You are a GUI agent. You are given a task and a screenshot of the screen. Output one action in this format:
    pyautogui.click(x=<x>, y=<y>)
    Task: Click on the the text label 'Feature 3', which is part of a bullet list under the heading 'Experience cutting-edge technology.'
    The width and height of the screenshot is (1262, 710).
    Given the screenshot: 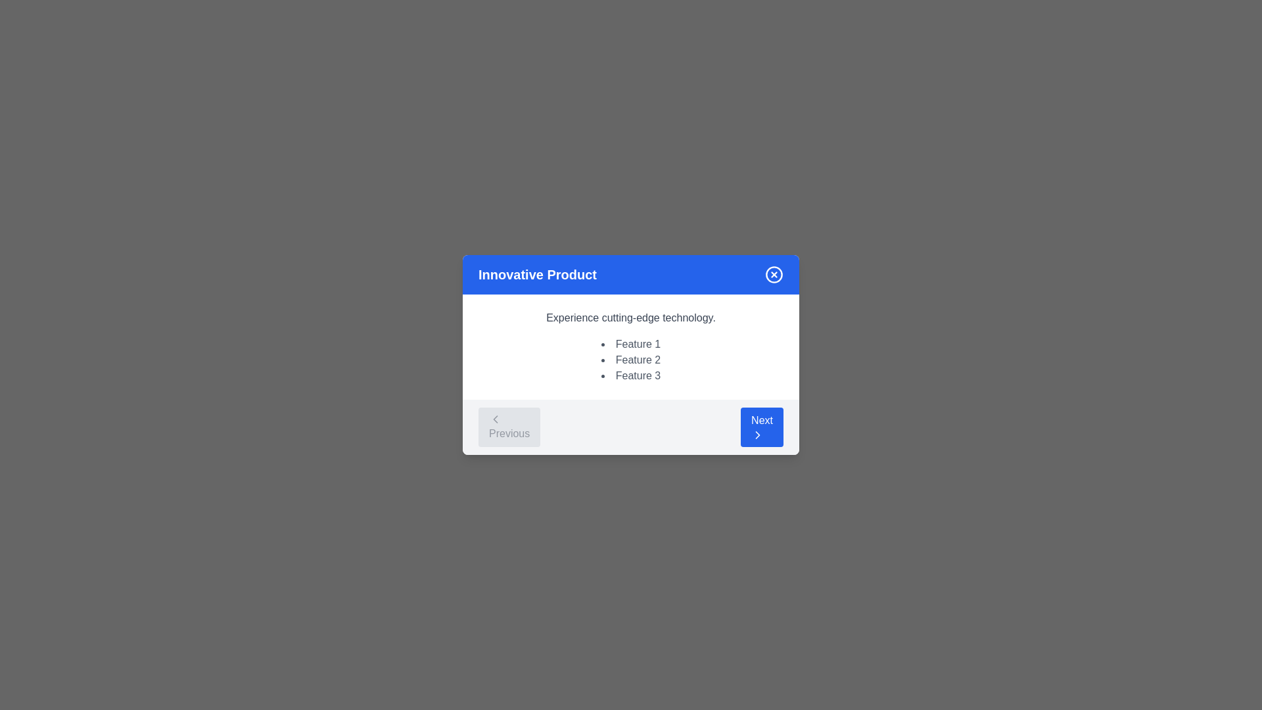 What is the action you would take?
    pyautogui.click(x=631, y=375)
    